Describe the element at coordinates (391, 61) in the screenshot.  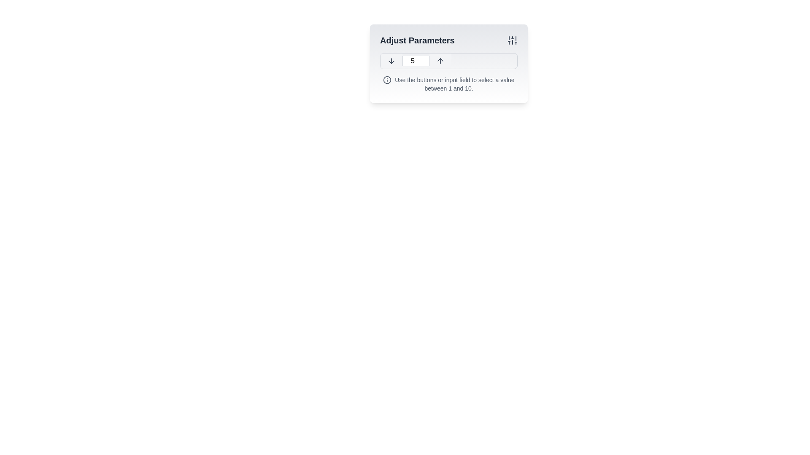
I see `the small button with a downward-pointing arrow icon, located to the left of a numeric input field displaying '5', to decrease the value` at that location.